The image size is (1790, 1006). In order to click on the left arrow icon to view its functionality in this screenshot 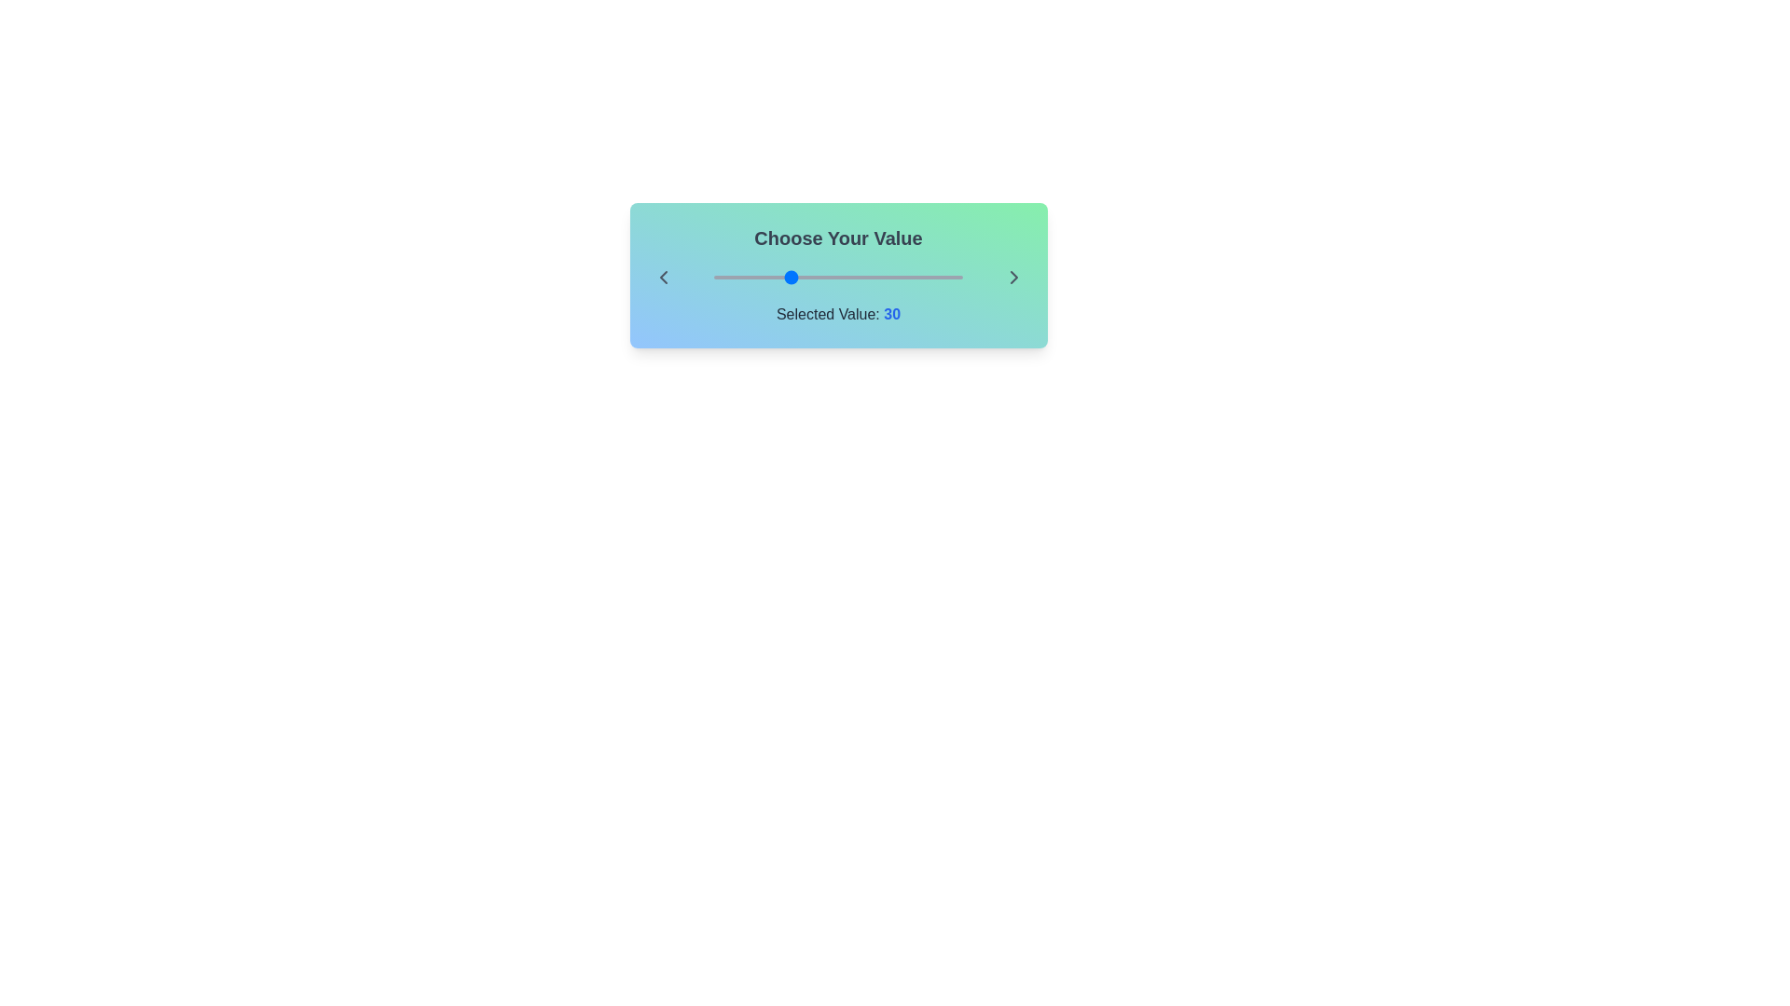, I will do `click(663, 277)`.